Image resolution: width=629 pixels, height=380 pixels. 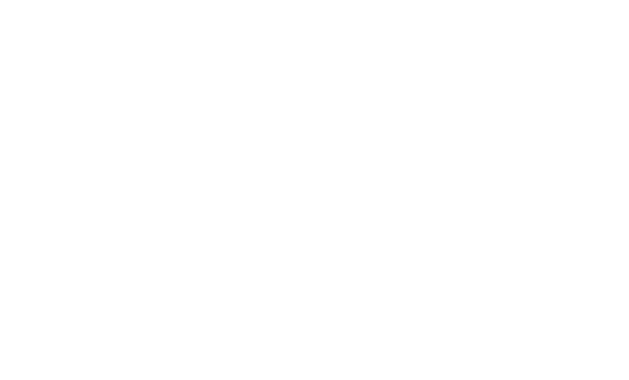 I want to click on 'iPhone 7', so click(x=347, y=28).